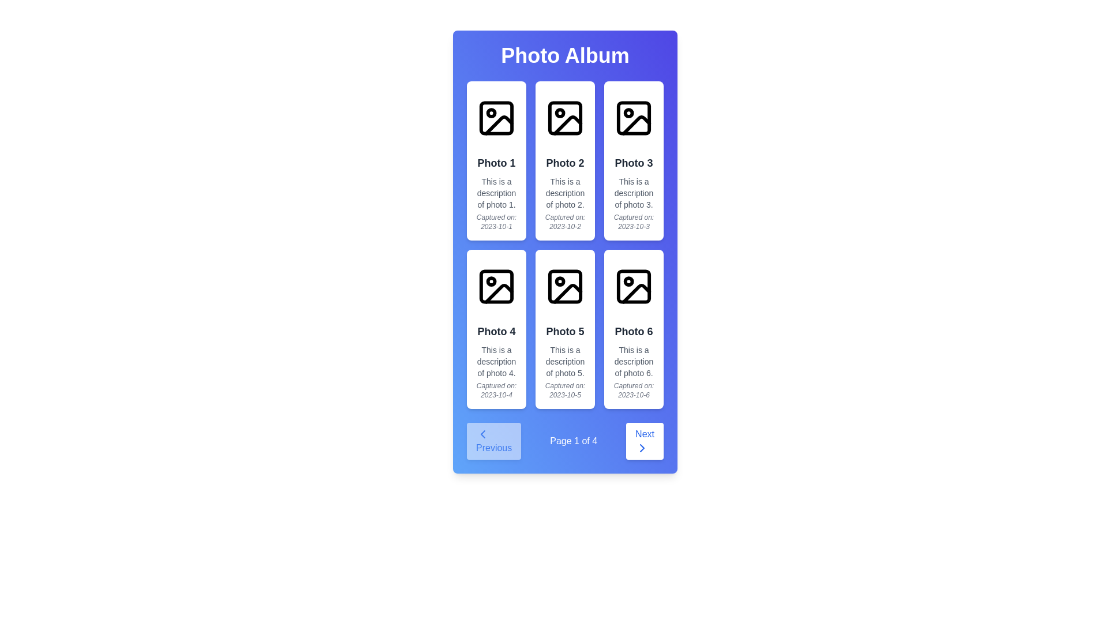 Image resolution: width=1108 pixels, height=623 pixels. What do you see at coordinates (496, 286) in the screenshot?
I see `the graphical icon representing an image within the fourth card of a grid, located above the title 'Photo 4'` at bounding box center [496, 286].